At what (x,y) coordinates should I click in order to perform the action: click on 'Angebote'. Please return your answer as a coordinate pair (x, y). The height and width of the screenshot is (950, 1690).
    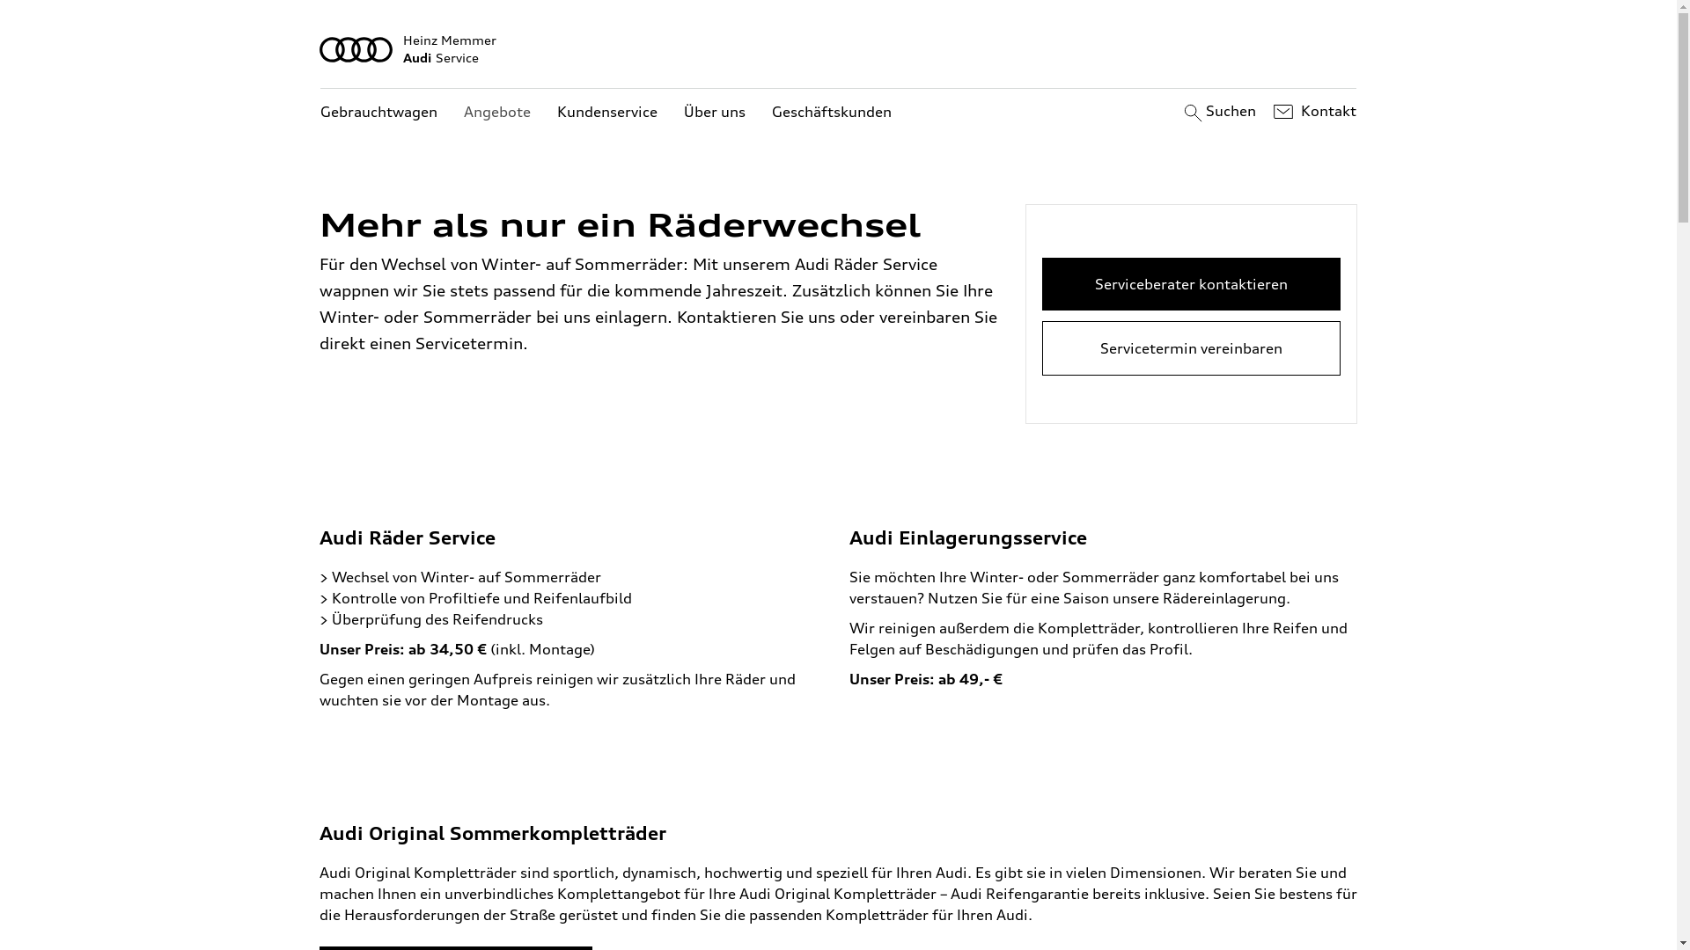
    Looking at the image, I should click on (496, 112).